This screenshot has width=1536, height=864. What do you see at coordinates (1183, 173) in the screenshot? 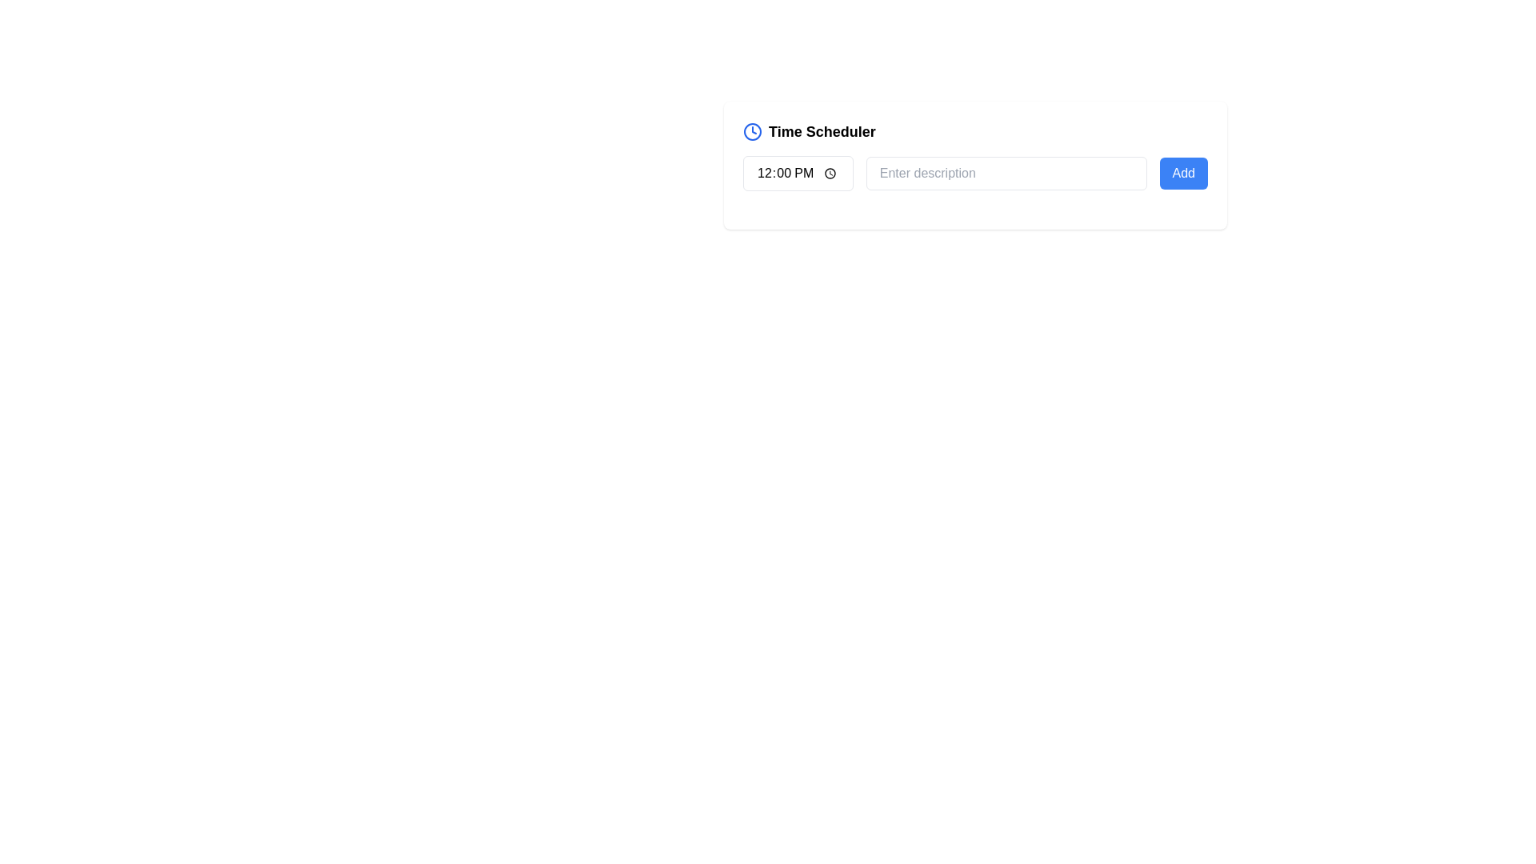
I see `the 'Add' button with a blue background and rounded edges` at bounding box center [1183, 173].